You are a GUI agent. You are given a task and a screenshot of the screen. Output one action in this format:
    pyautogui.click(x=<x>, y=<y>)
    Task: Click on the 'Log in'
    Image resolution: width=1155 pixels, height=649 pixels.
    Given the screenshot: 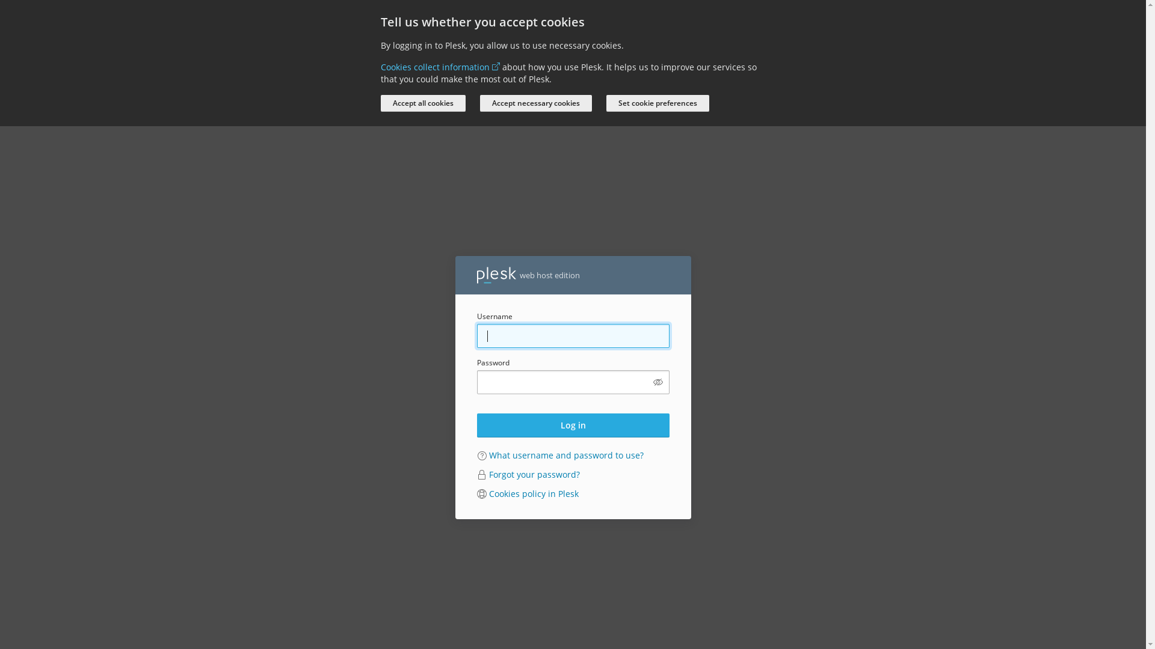 What is the action you would take?
    pyautogui.click(x=571, y=425)
    